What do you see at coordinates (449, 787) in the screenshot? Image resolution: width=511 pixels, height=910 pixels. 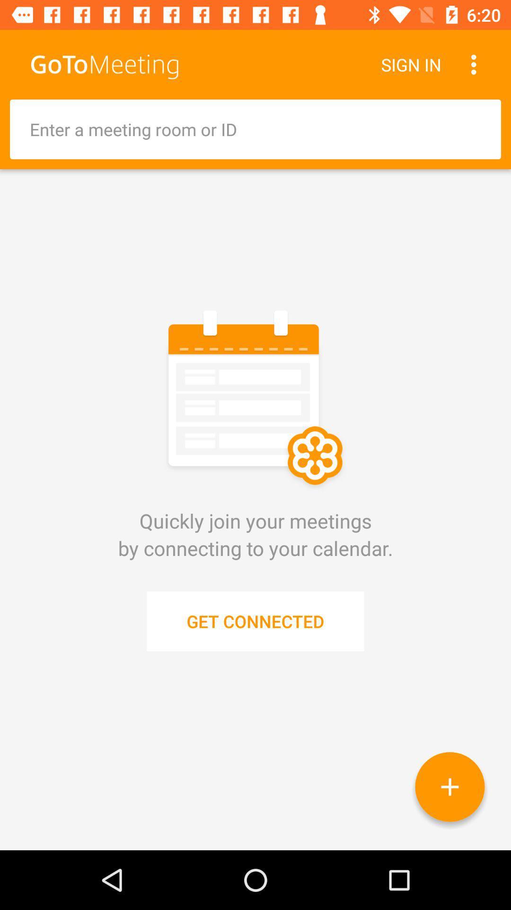 I see `icon below the quickly join your` at bounding box center [449, 787].